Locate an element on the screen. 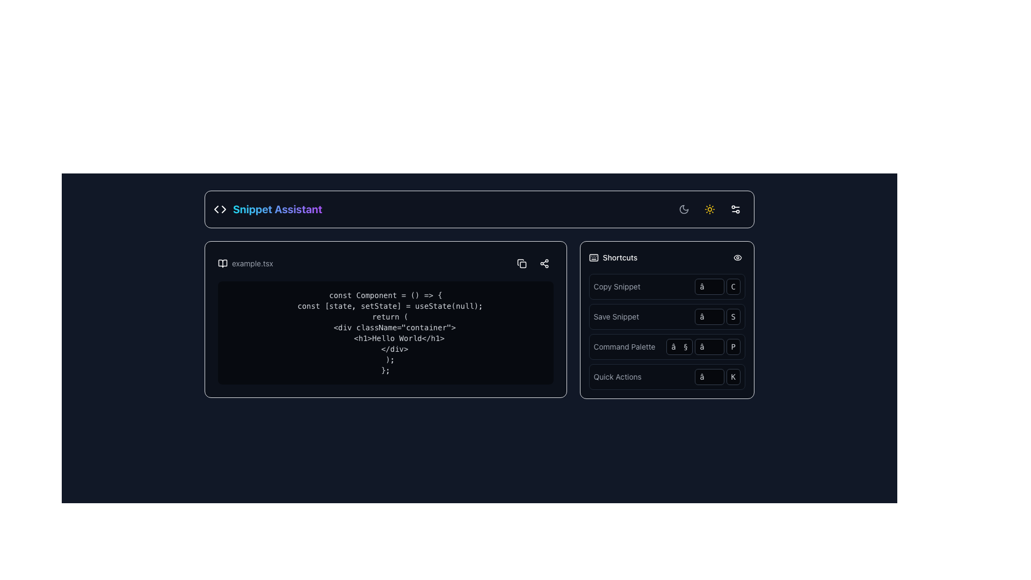  the 'share' button, which is a rounded rectangular button with a cyan background and contains a 'share' icon of three dots connected by two lines, located towards the top right of the interface is located at coordinates (544, 263).